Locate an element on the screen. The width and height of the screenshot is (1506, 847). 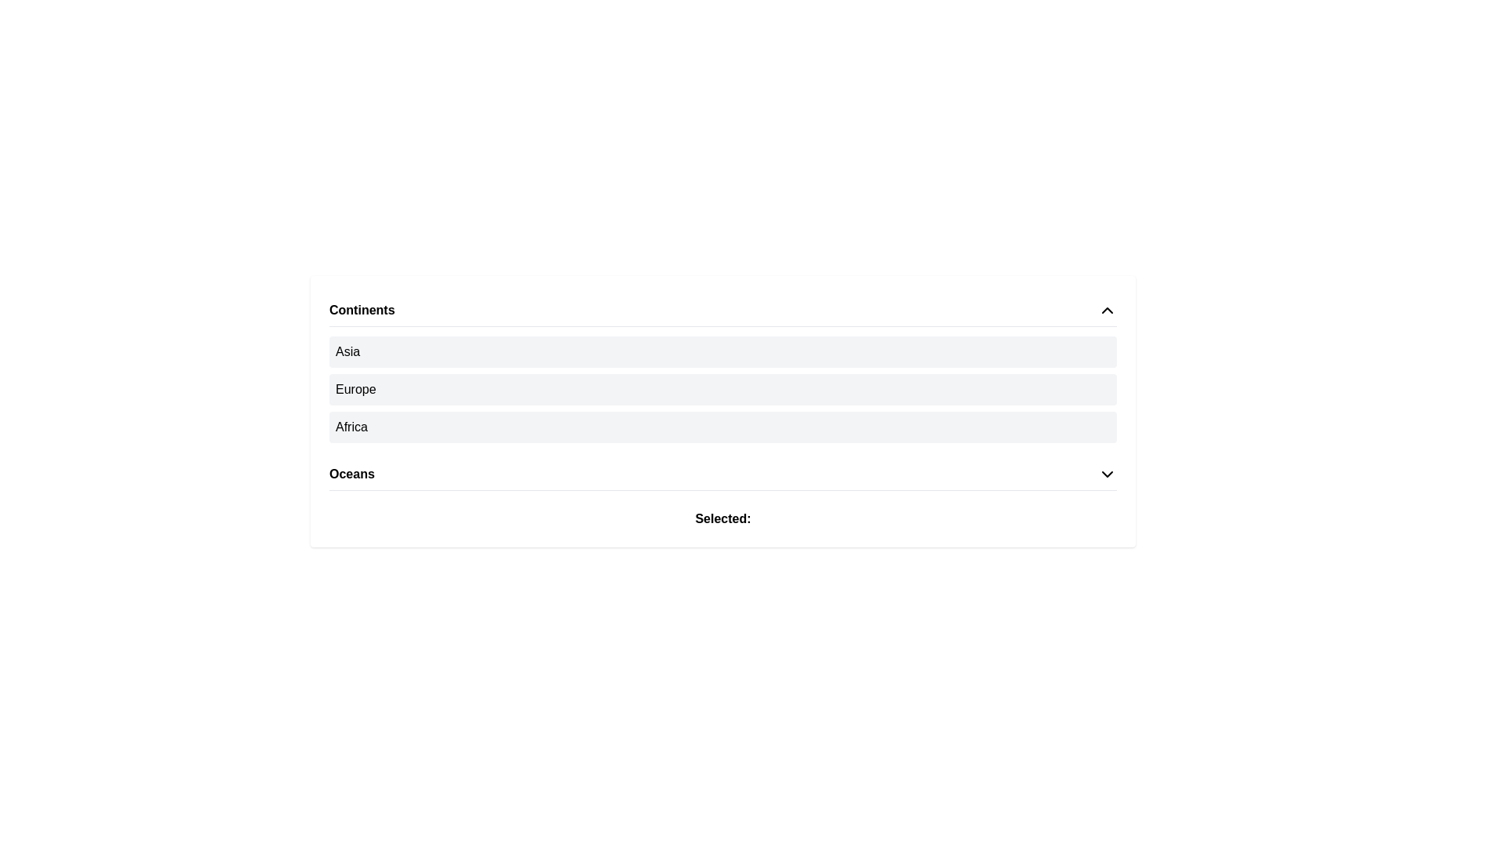
the text label displaying 'Europe', which is styled with plain black text on a white or light background, located in the 'Continents' section between 'Asia' and 'Africa' is located at coordinates (355, 389).